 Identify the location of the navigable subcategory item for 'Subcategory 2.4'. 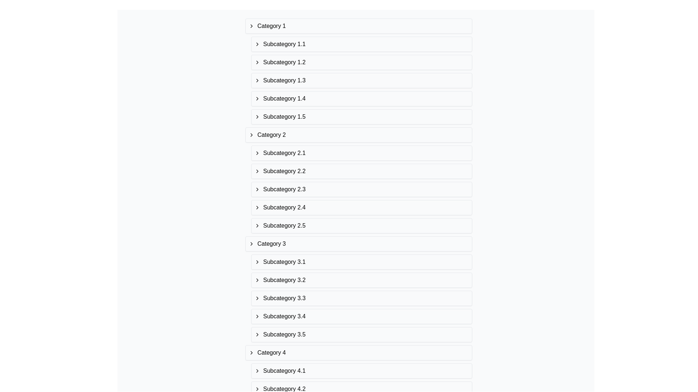
(361, 207).